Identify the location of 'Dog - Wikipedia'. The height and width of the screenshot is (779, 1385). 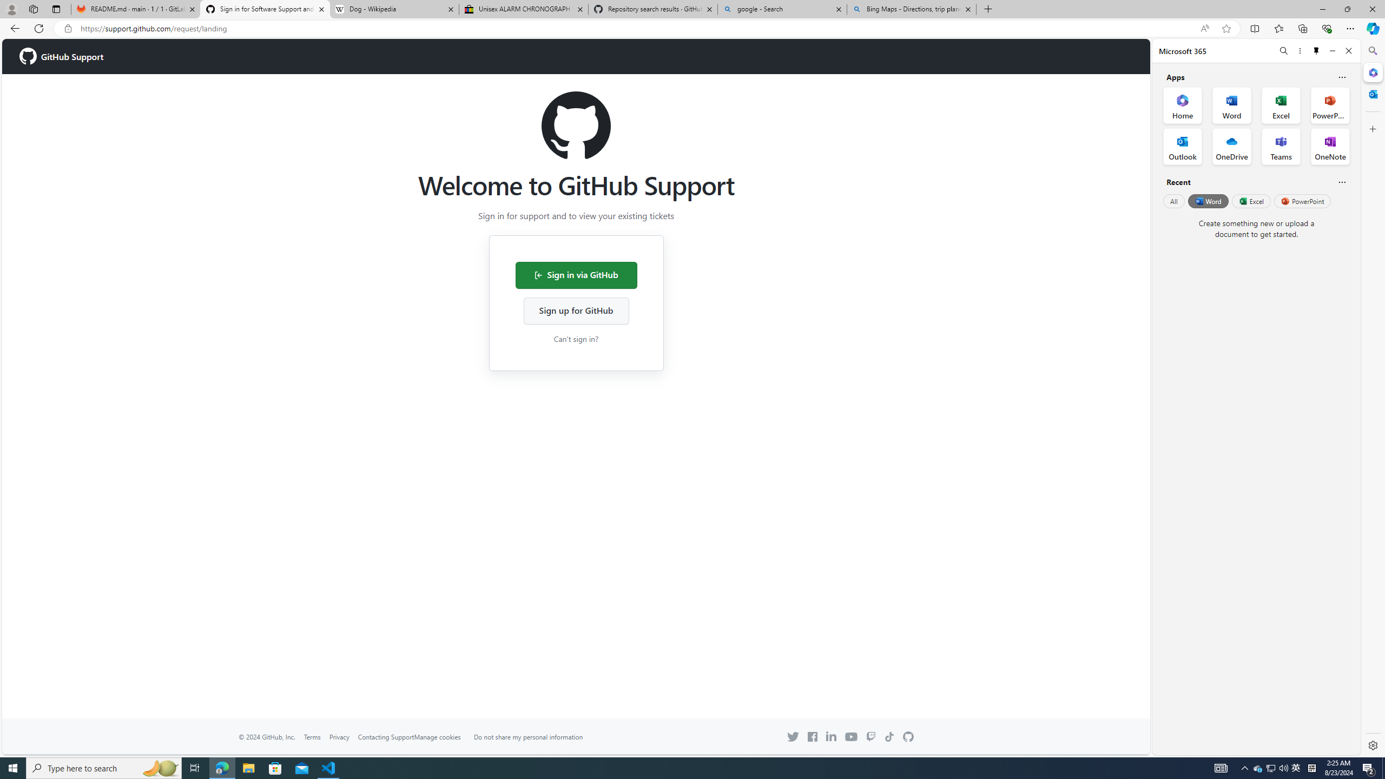
(394, 9).